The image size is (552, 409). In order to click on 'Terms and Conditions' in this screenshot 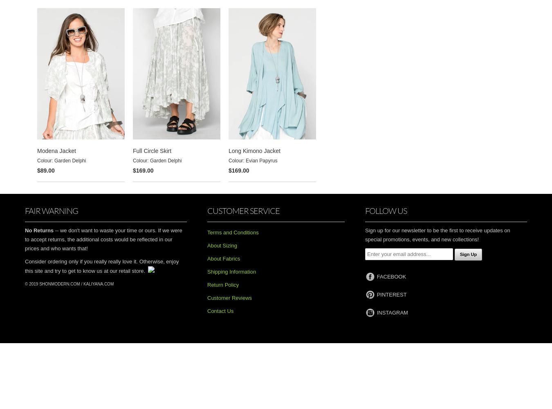, I will do `click(233, 231)`.